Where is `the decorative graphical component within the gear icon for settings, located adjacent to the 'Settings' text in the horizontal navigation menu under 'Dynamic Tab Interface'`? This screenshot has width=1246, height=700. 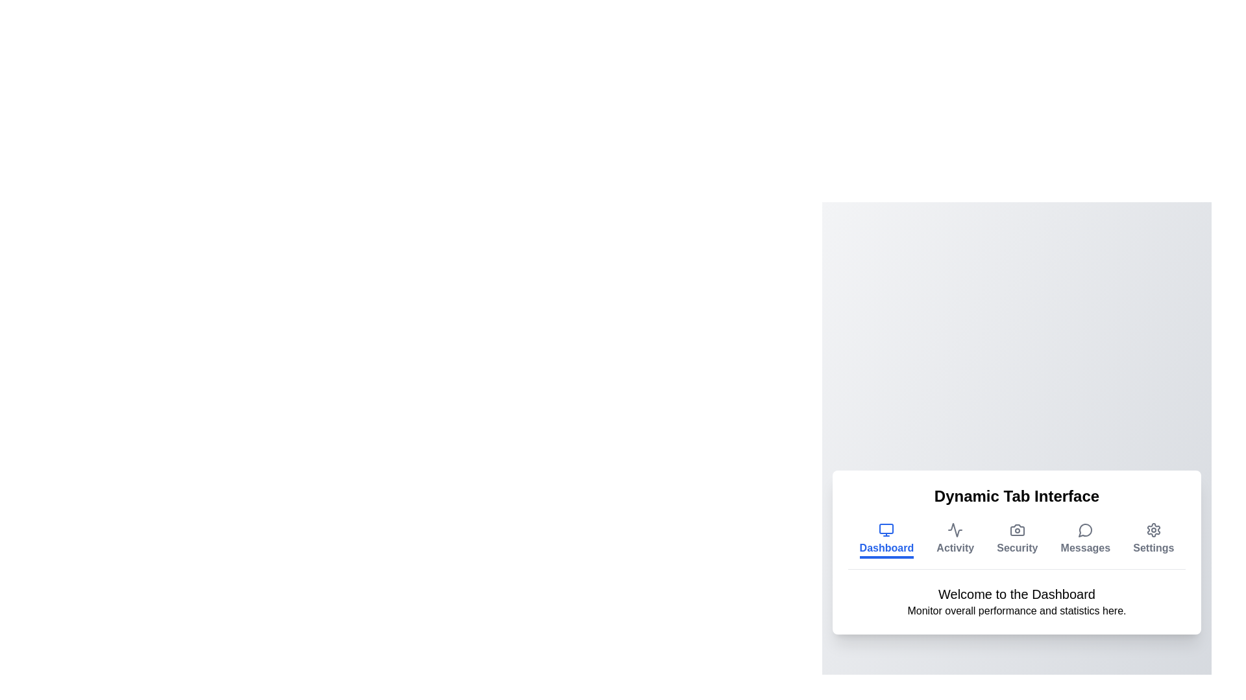
the decorative graphical component within the gear icon for settings, located adjacent to the 'Settings' text in the horizontal navigation menu under 'Dynamic Tab Interface' is located at coordinates (1153, 530).